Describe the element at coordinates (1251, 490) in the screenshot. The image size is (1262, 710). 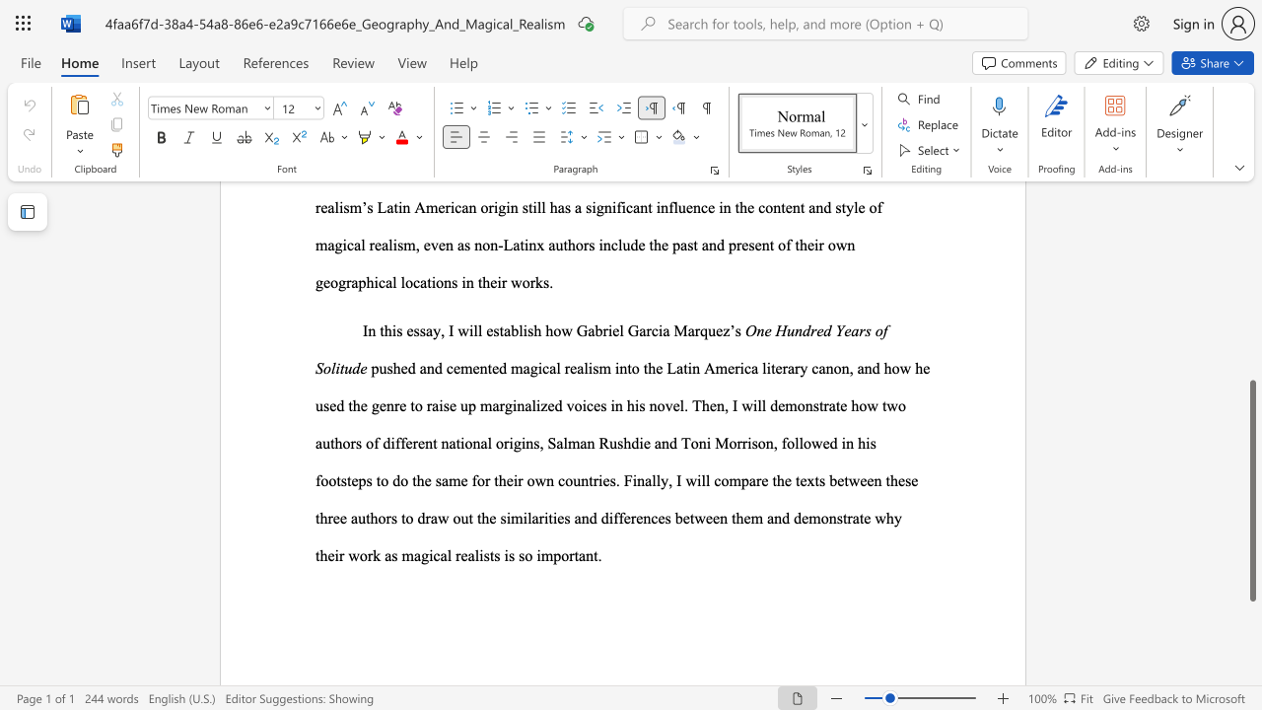
I see `the scrollbar and move down 160 pixels` at that location.